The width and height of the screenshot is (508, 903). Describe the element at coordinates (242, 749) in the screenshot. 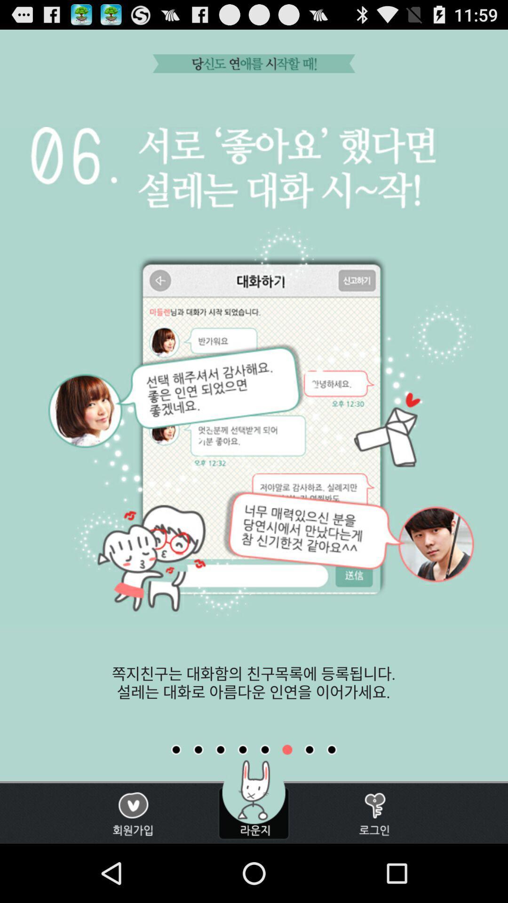

I see `change page` at that location.